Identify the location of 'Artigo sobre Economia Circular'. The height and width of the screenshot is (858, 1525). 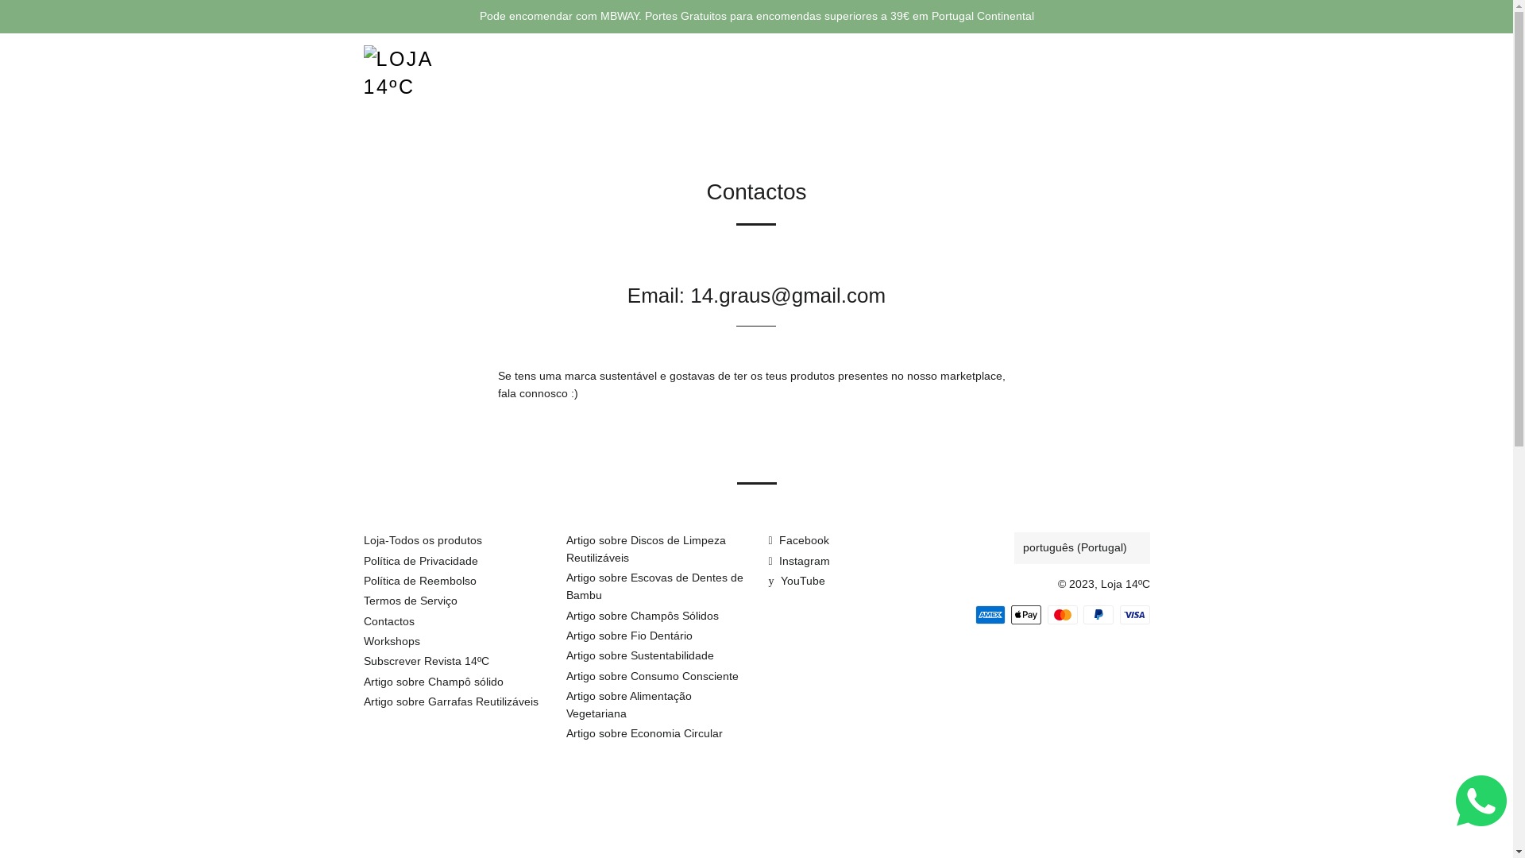
(565, 732).